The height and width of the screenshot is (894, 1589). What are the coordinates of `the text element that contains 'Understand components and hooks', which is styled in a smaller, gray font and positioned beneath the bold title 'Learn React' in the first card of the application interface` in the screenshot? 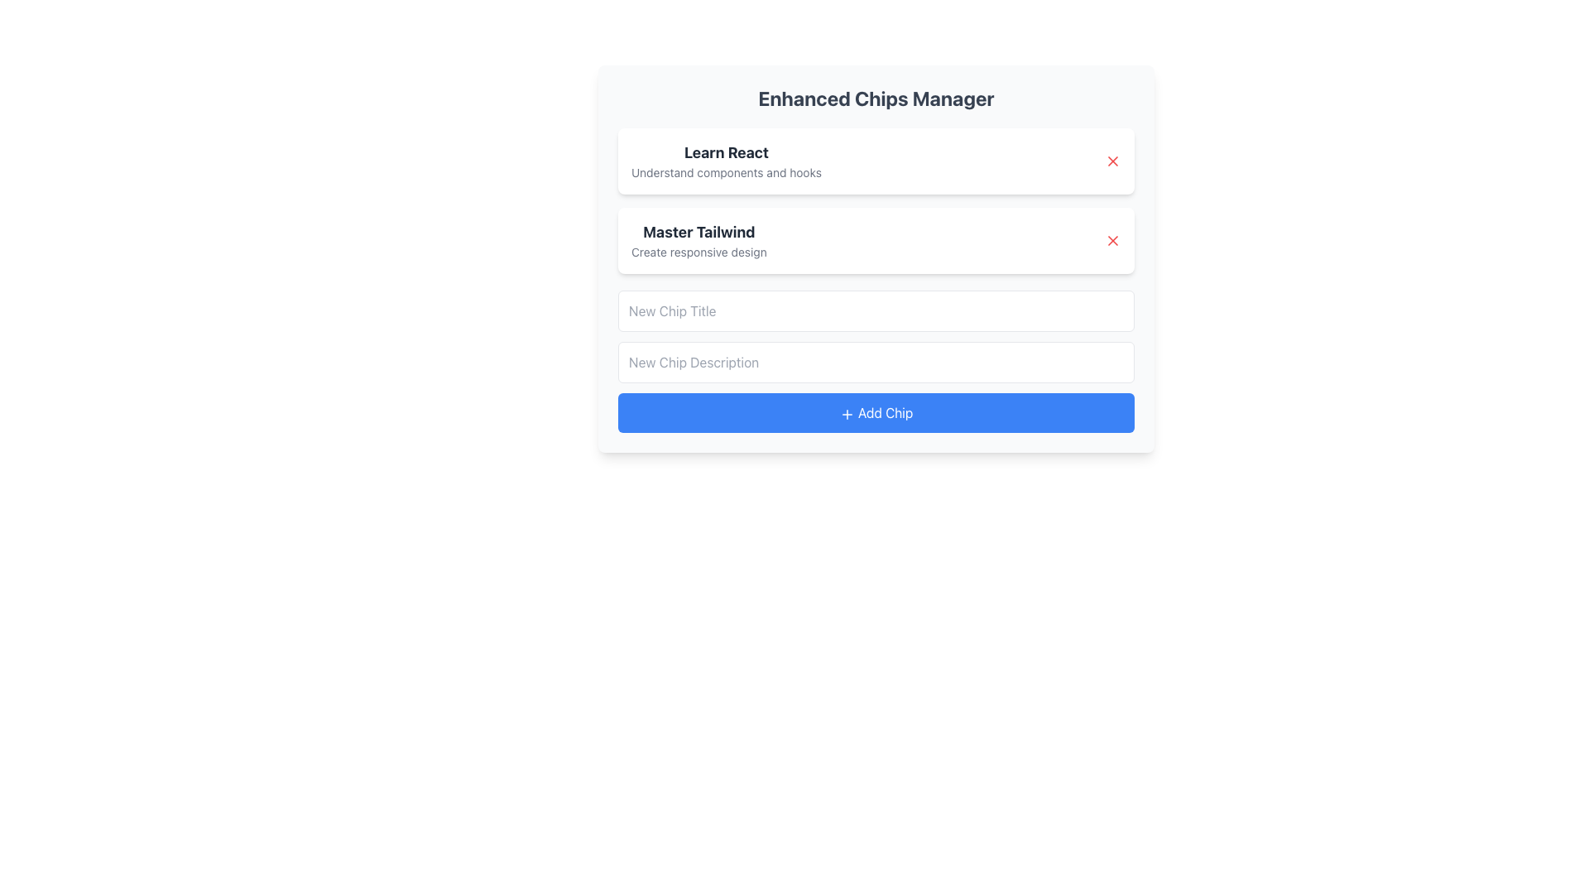 It's located at (727, 172).